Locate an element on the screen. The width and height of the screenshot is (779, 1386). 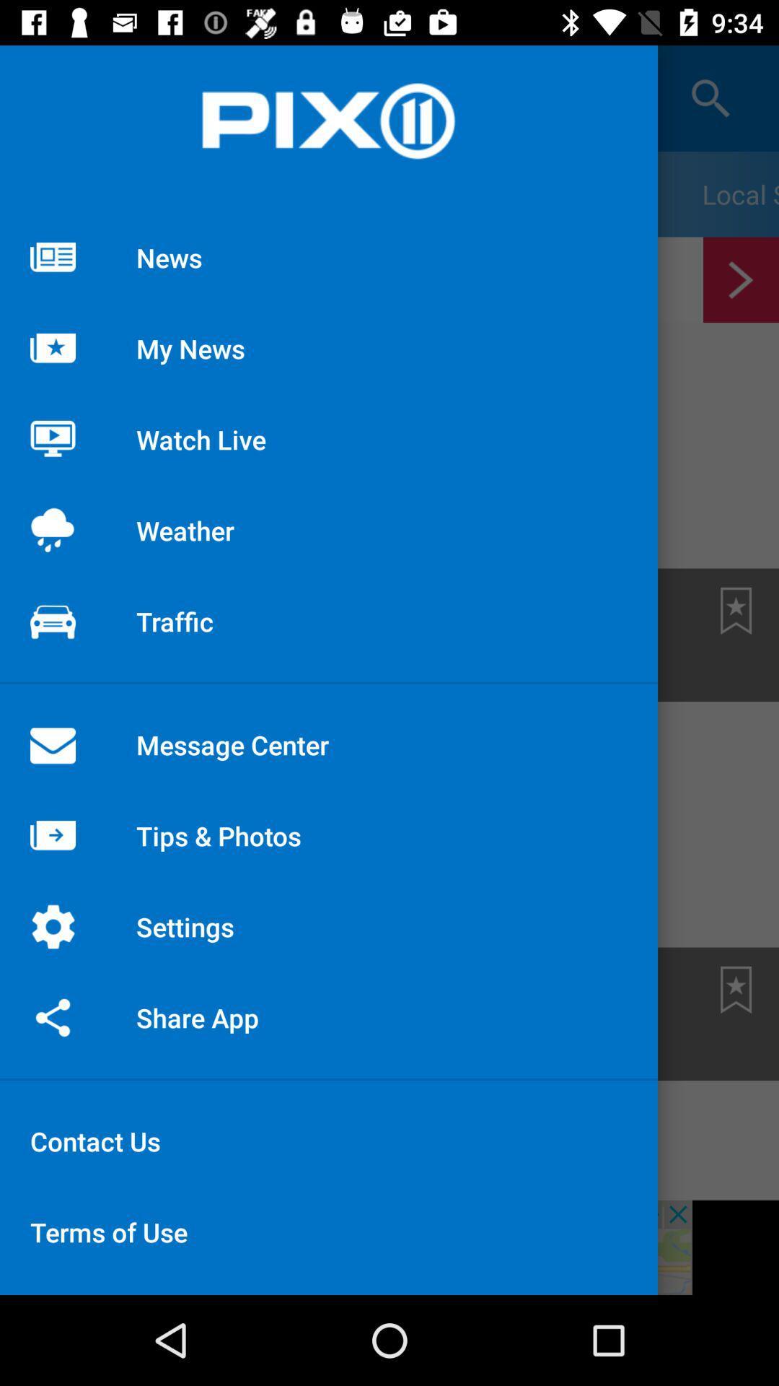
the search icon is located at coordinates (710, 97).